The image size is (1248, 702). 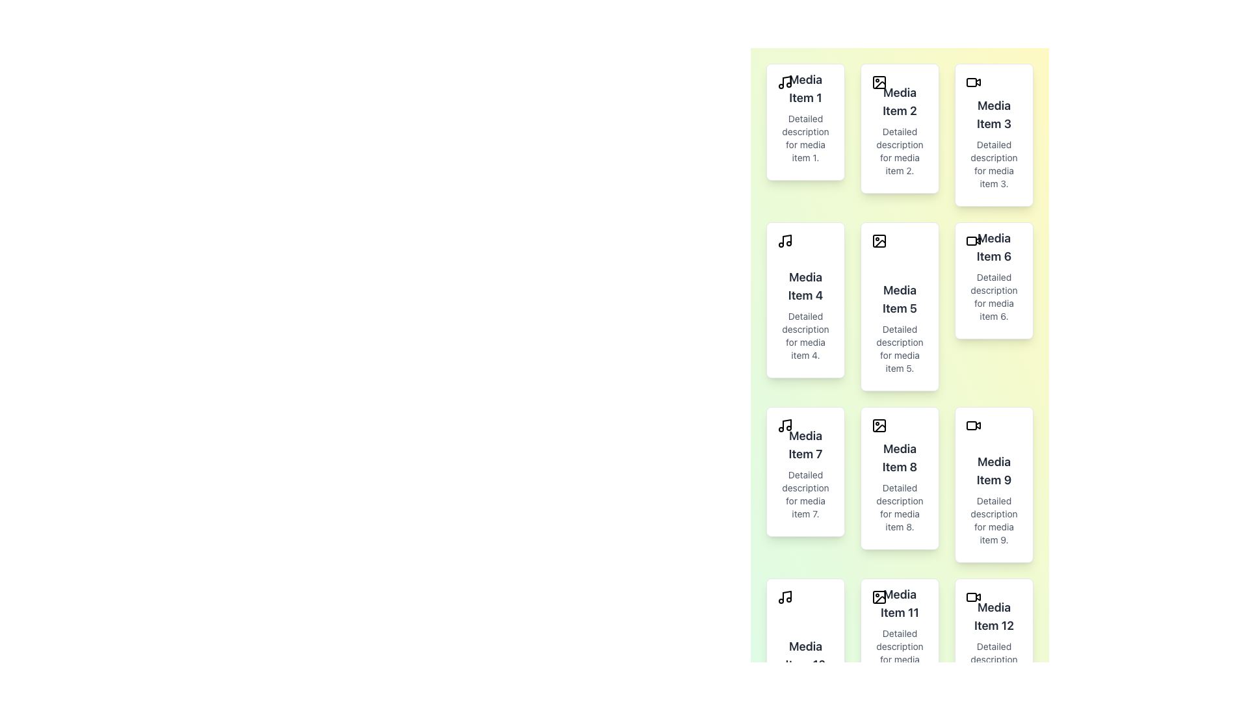 I want to click on the icon representing the media type associated with 'Media Item 7', located at the top-left corner of the card, so click(x=785, y=426).